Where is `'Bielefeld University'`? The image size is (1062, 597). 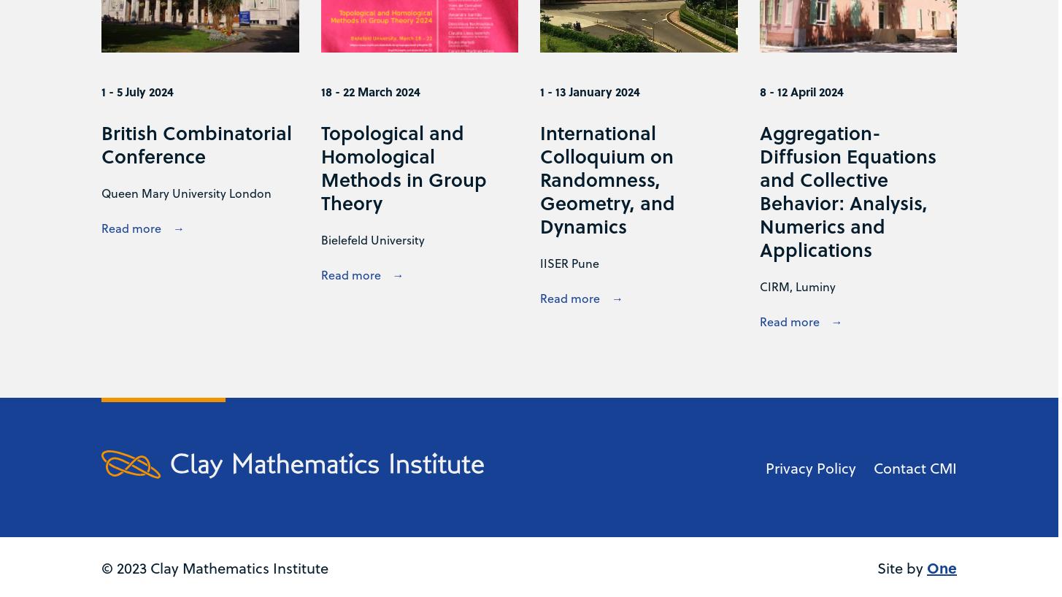
'Bielefeld University' is located at coordinates (372, 238).